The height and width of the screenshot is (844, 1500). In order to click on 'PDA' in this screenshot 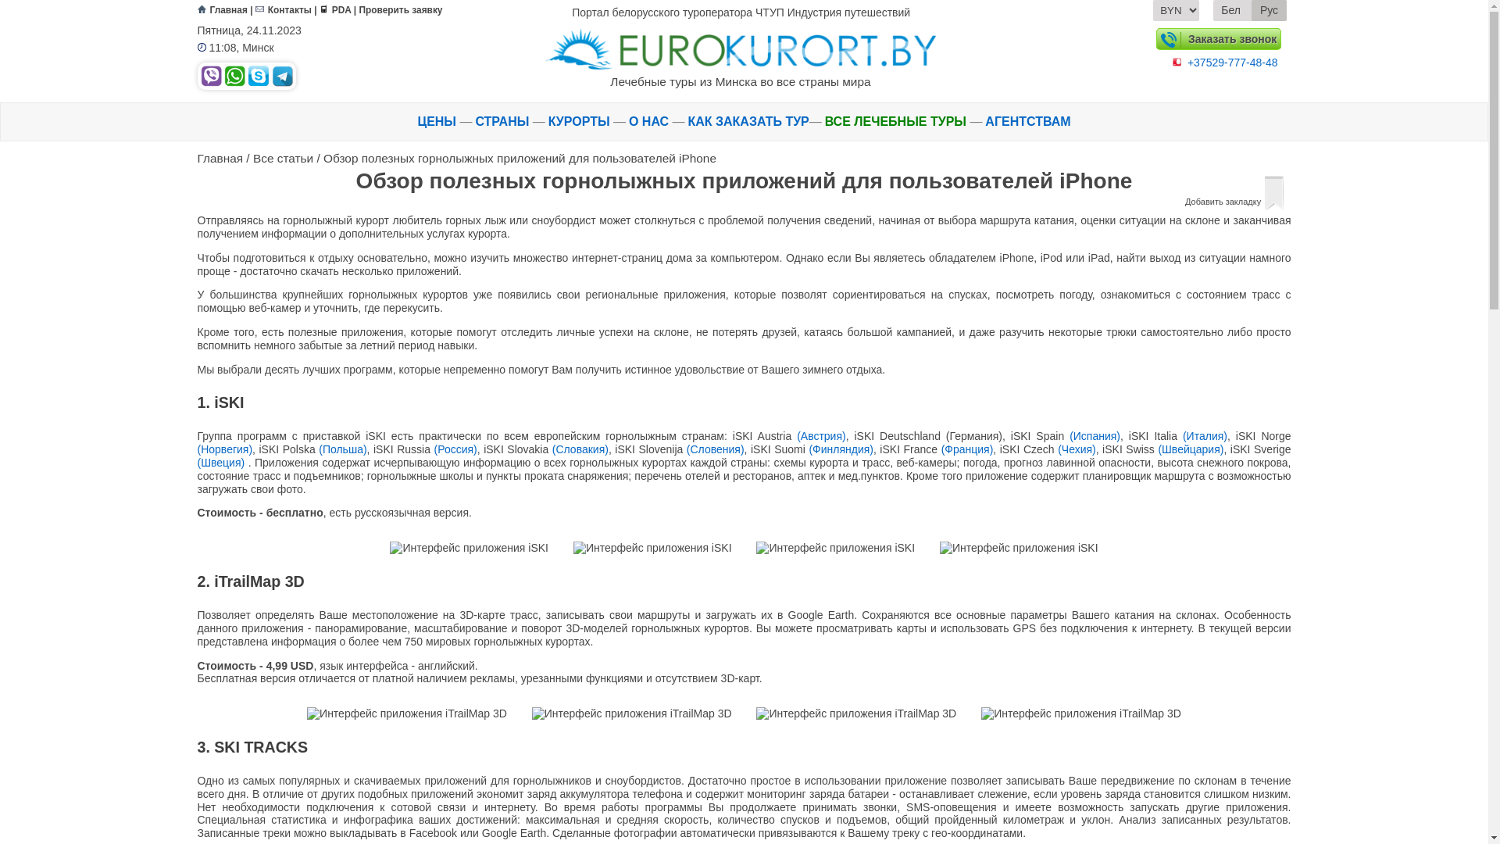, I will do `click(334, 9)`.